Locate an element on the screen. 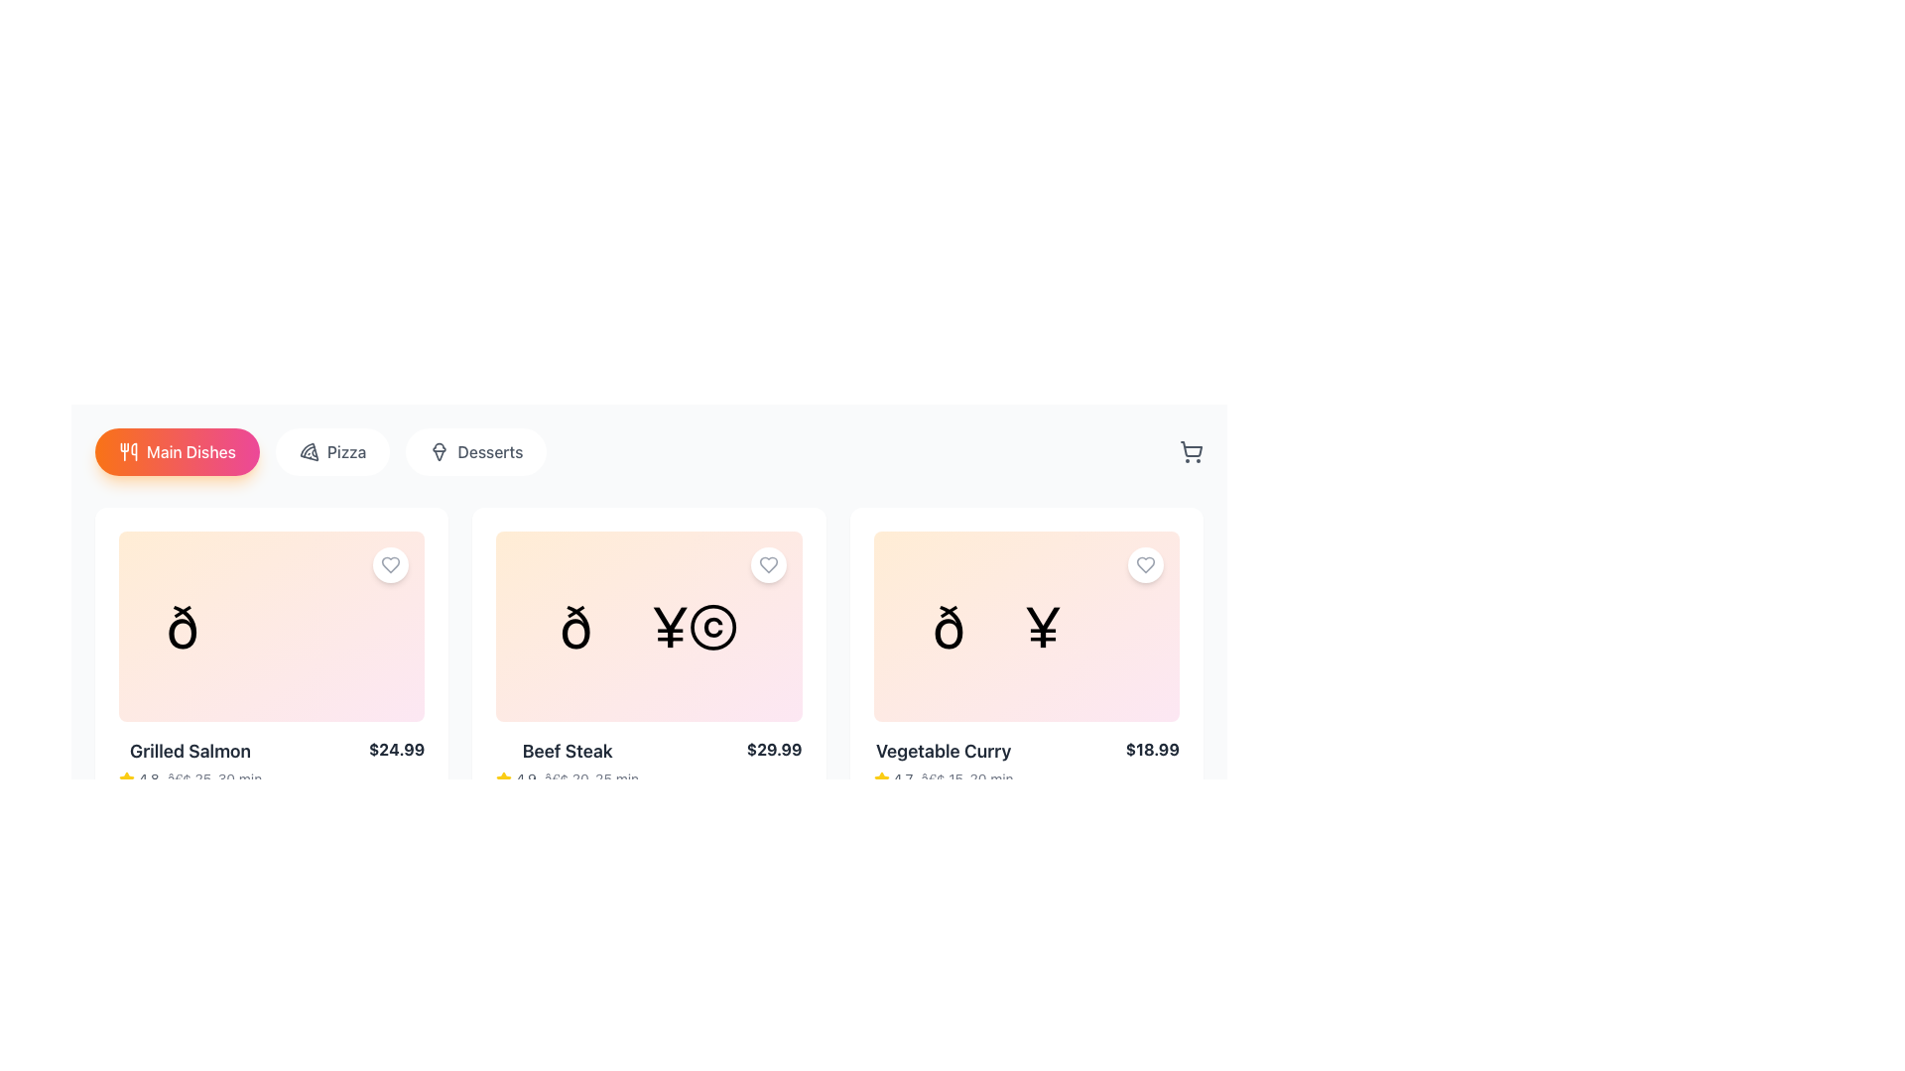  the text label displaying the estimated time for preparation or delivery related to 'Vegetable Curry', located at the bottom right of the card, under the cost of $18.99 and to the right of the rating '4.7' and star icon is located at coordinates (966, 778).